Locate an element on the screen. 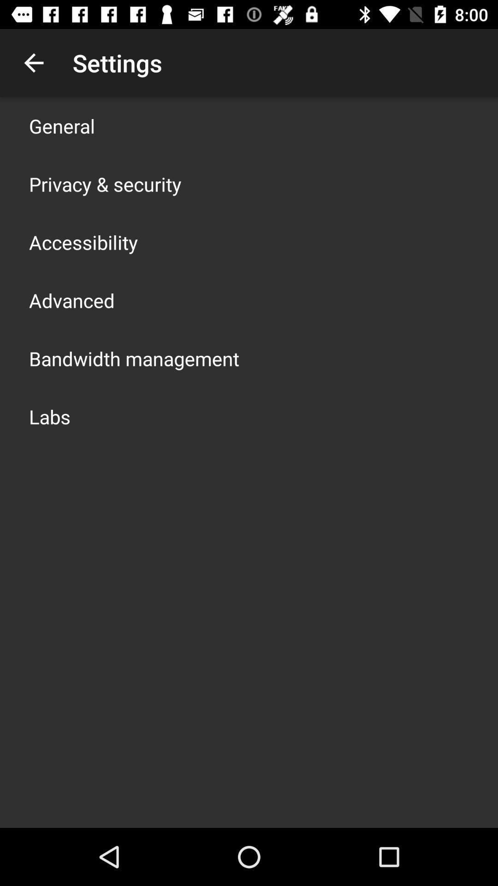  the item above general icon is located at coordinates (33, 62).